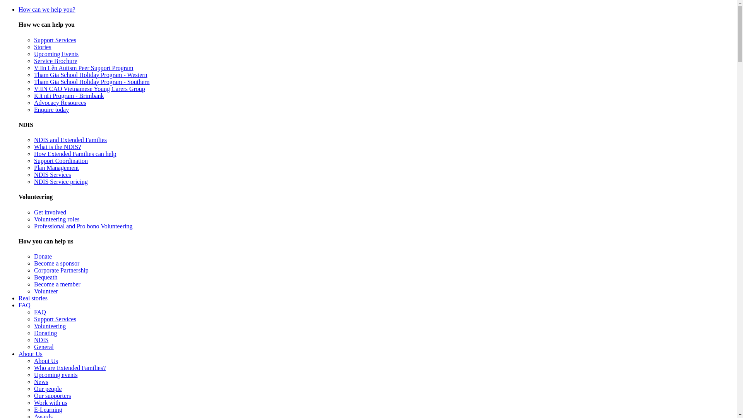 Image resolution: width=743 pixels, height=418 pixels. Describe the element at coordinates (46, 9) in the screenshot. I see `'How can we help you?'` at that location.